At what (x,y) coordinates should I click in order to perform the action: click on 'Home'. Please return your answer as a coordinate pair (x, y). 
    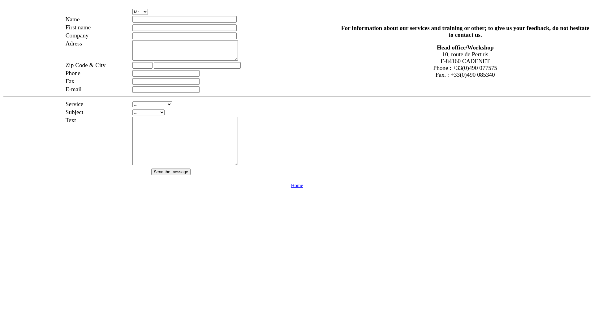
    Looking at the image, I should click on (296, 185).